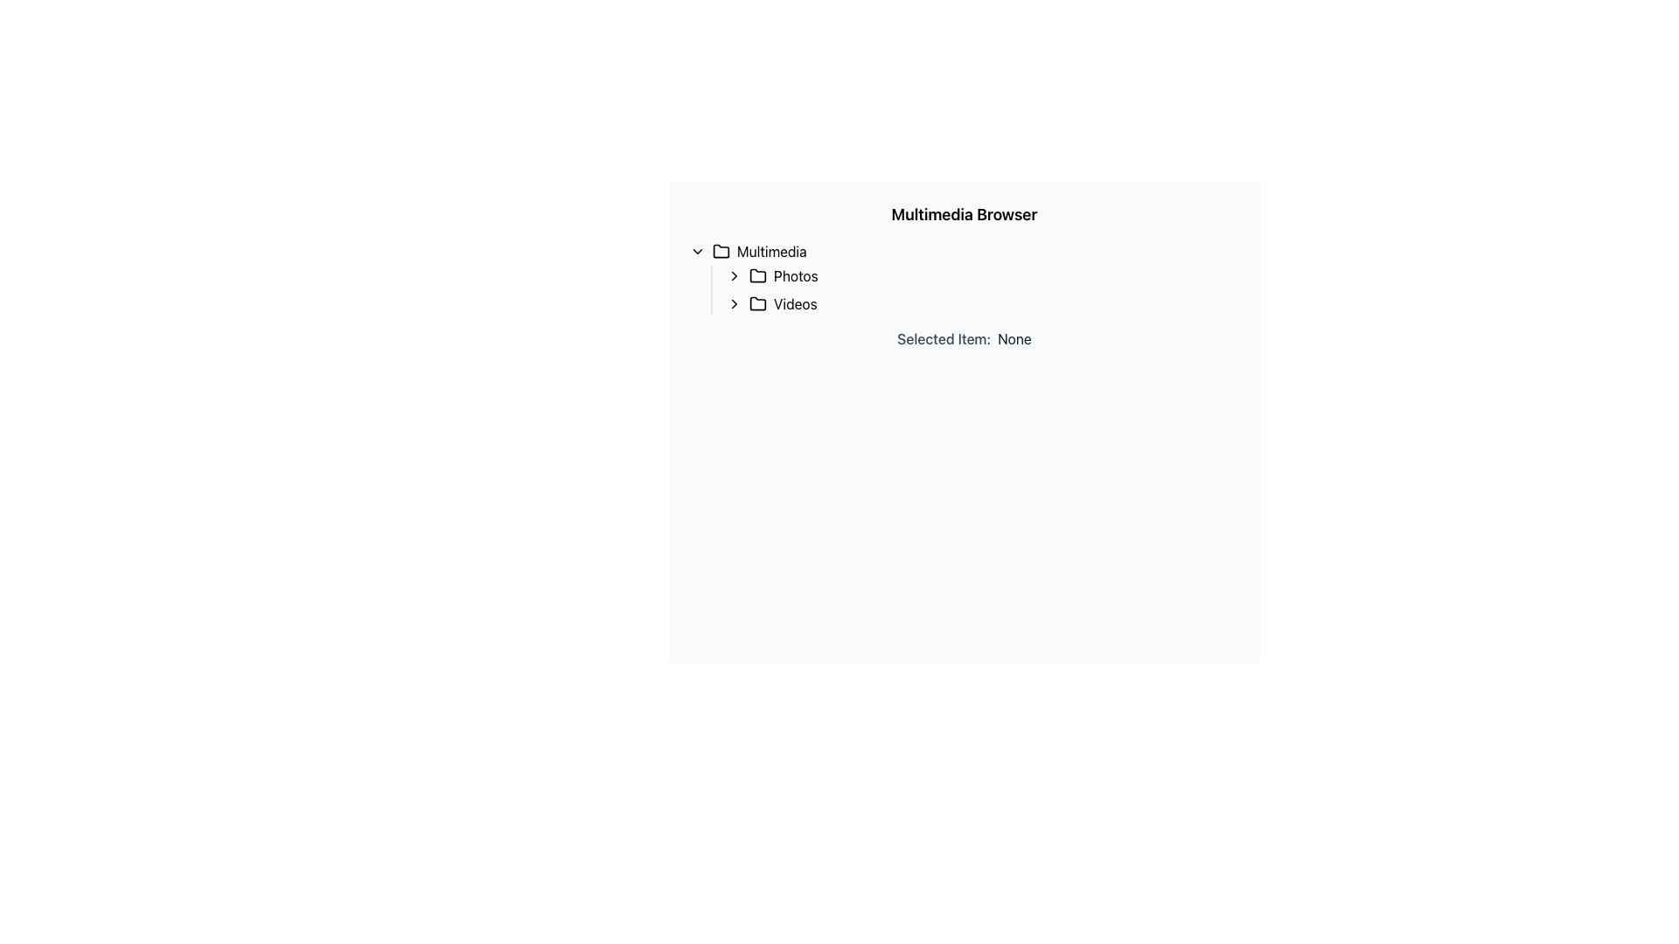 Image resolution: width=1679 pixels, height=944 pixels. I want to click on the Text Label element that serves as a context label for the adjacent value, located in the center-right area of the UI below the header, so click(943, 339).